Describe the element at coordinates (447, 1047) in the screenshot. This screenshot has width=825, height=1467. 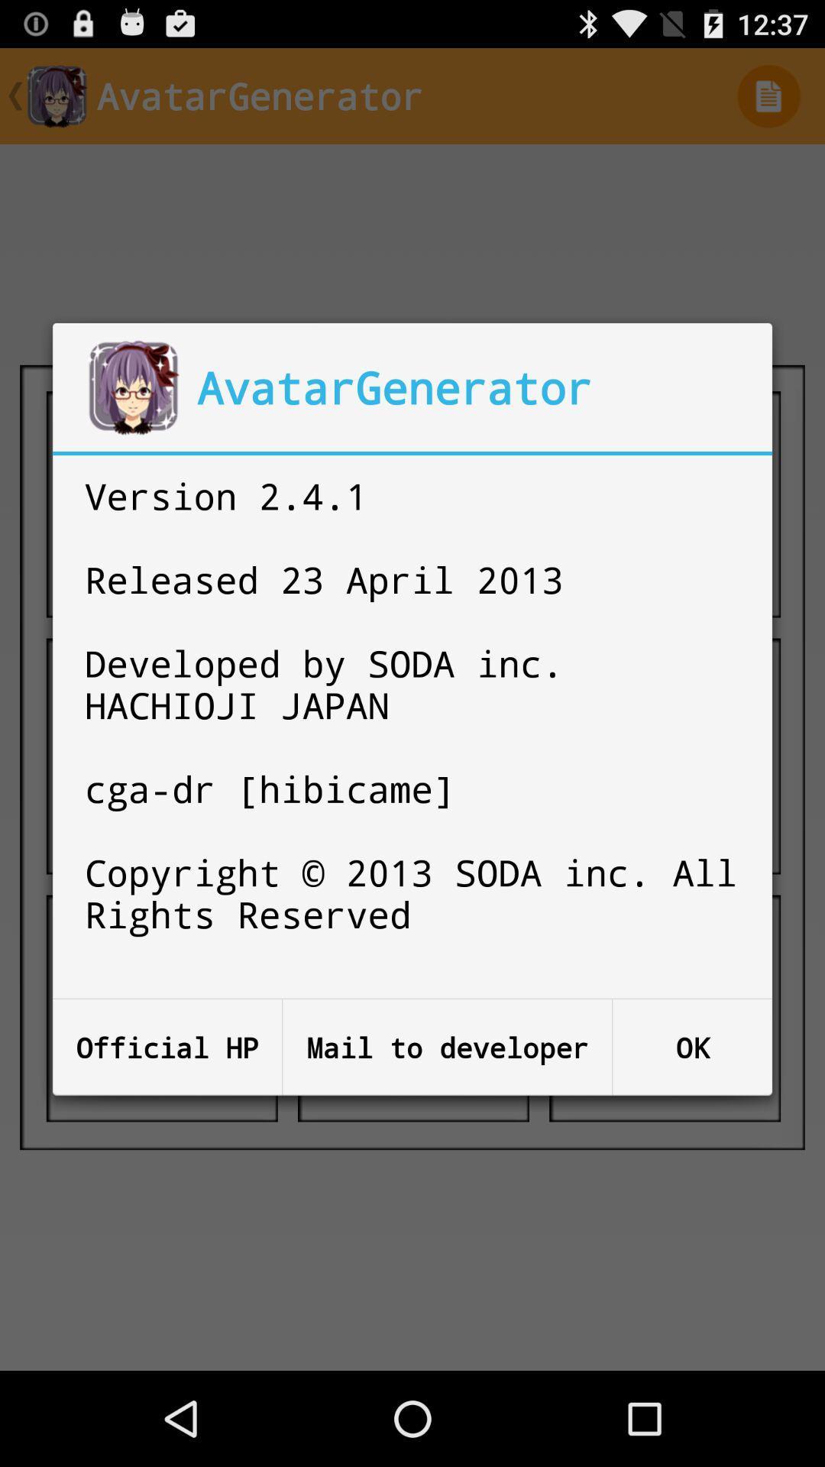
I see `app below version 2 4 item` at that location.